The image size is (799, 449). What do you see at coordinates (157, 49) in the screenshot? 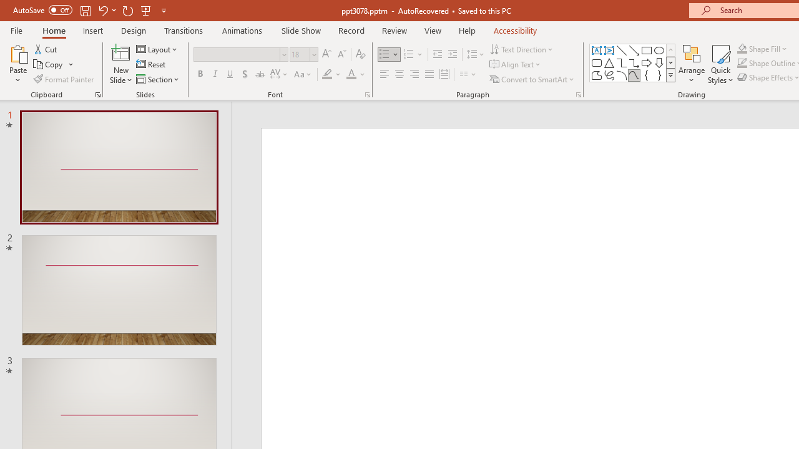
I see `'Layout'` at bounding box center [157, 49].